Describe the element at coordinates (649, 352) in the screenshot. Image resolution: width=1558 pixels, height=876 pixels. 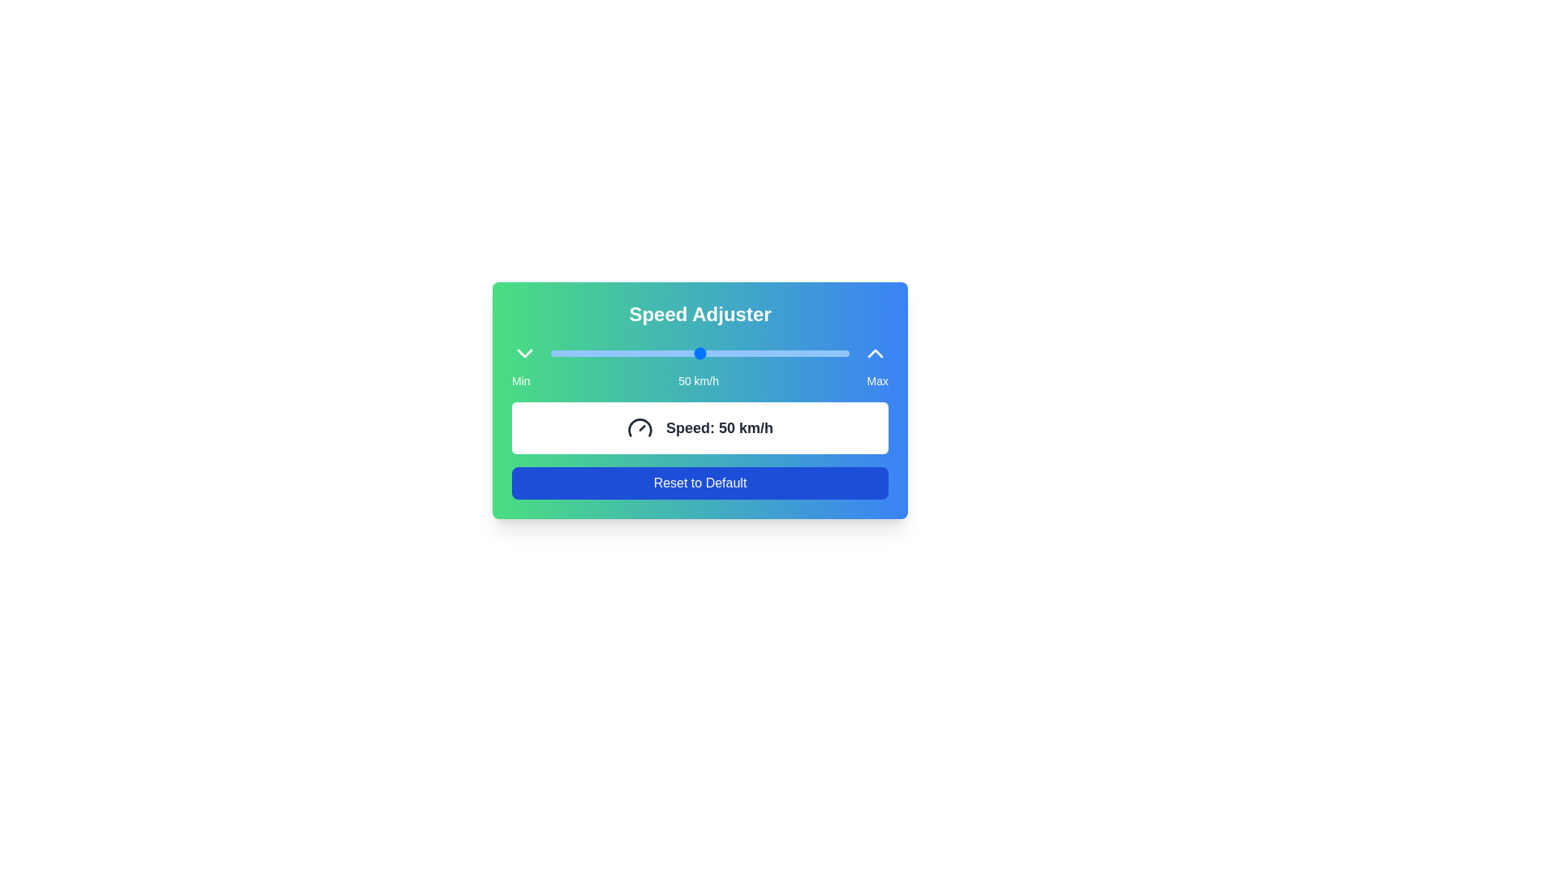
I see `the slider position` at that location.